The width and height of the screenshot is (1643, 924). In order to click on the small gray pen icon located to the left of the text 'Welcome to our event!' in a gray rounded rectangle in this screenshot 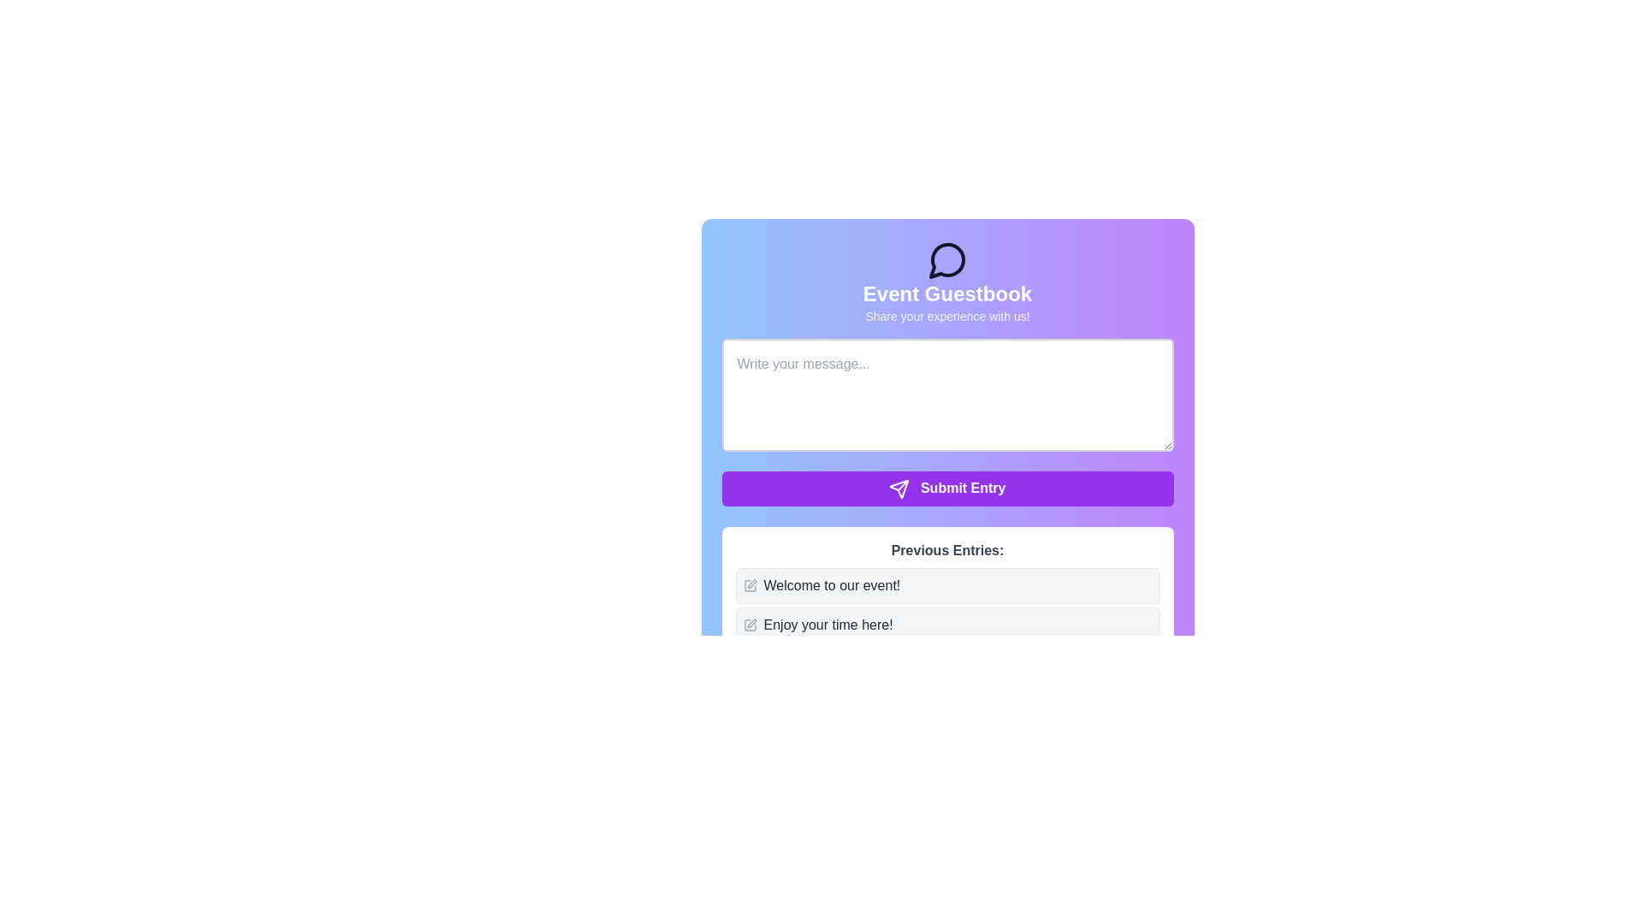, I will do `click(750, 584)`.